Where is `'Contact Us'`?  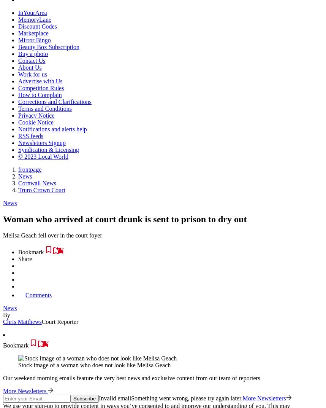
'Contact Us' is located at coordinates (31, 60).